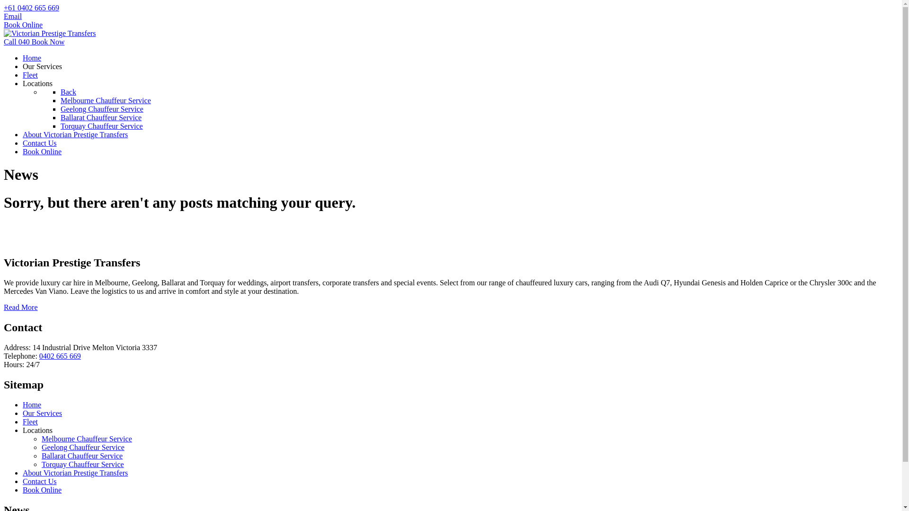 The height and width of the screenshot is (511, 909). I want to click on '0402 665 669', so click(59, 356).